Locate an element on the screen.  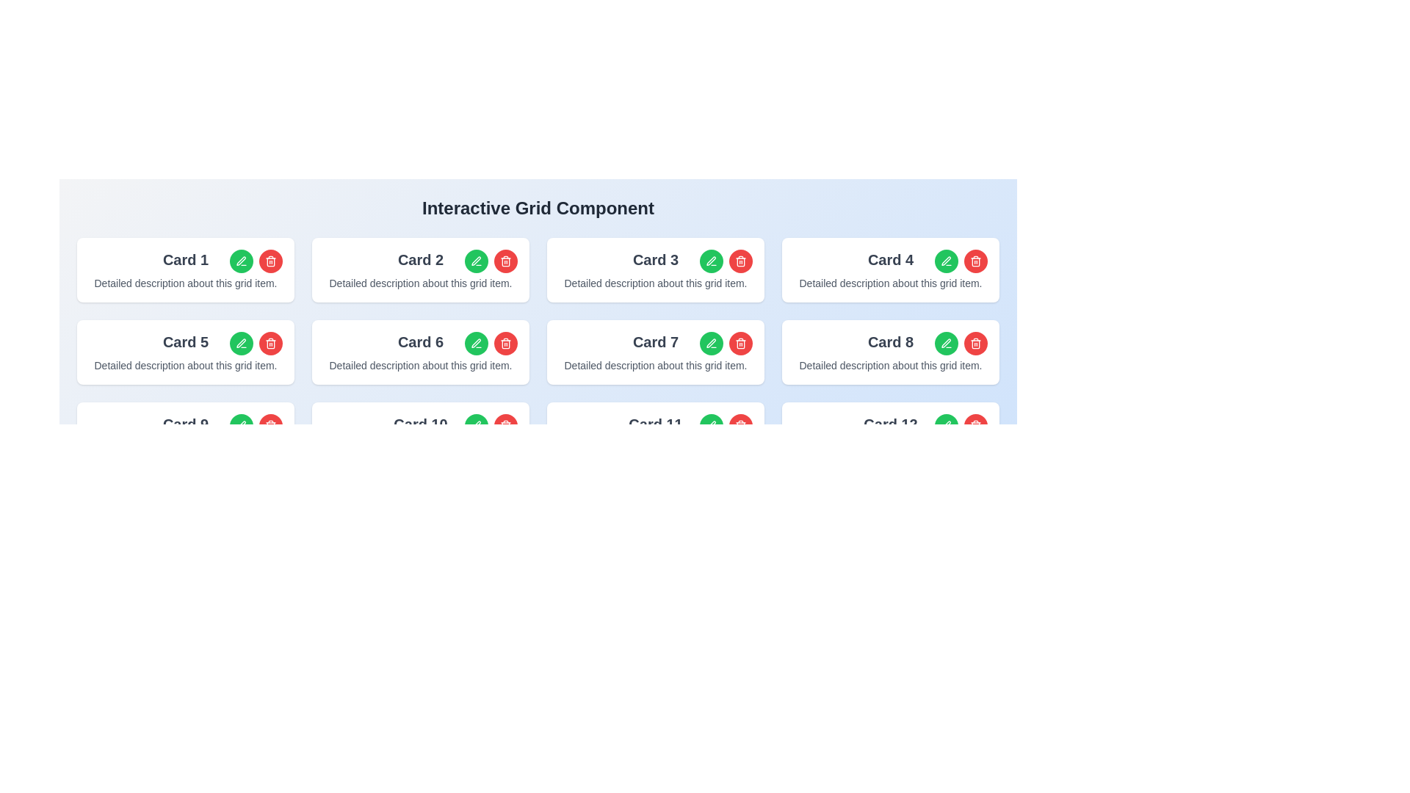
the edit icon within the green circular button located at the top-right of 'Card 7' is located at coordinates (712, 343).